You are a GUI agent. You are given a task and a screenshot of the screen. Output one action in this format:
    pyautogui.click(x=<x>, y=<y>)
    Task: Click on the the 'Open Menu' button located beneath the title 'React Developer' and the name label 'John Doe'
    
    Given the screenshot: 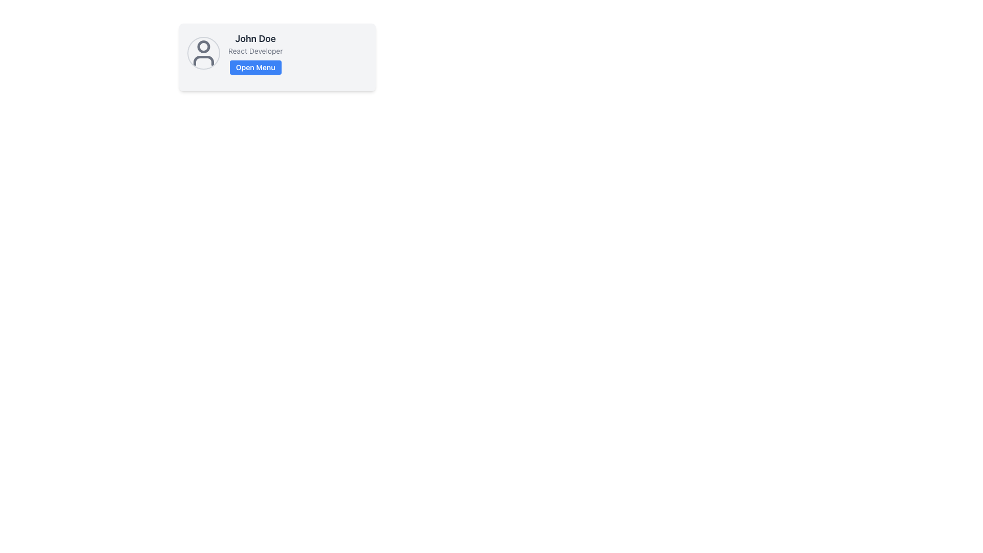 What is the action you would take?
    pyautogui.click(x=255, y=67)
    